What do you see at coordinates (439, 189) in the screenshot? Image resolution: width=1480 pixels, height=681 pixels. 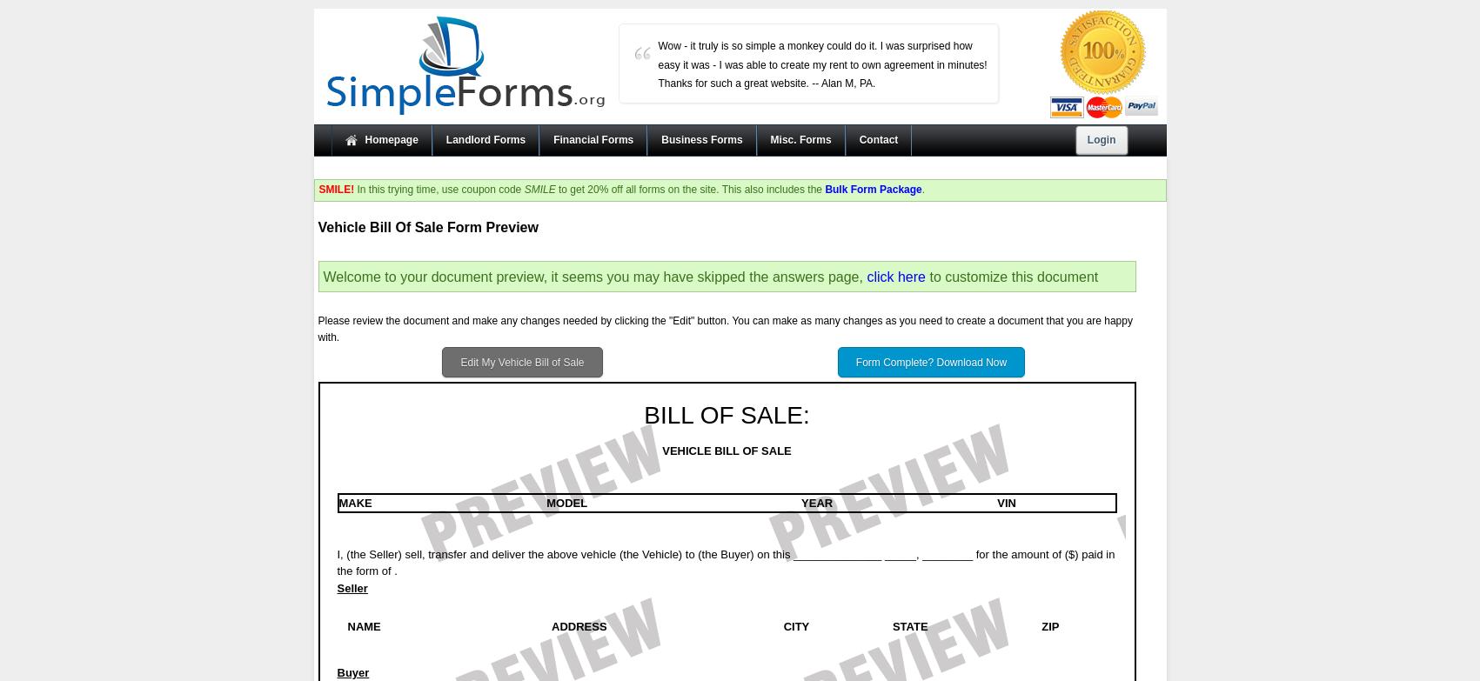 I see `'In this trying time, use coupon code'` at bounding box center [439, 189].